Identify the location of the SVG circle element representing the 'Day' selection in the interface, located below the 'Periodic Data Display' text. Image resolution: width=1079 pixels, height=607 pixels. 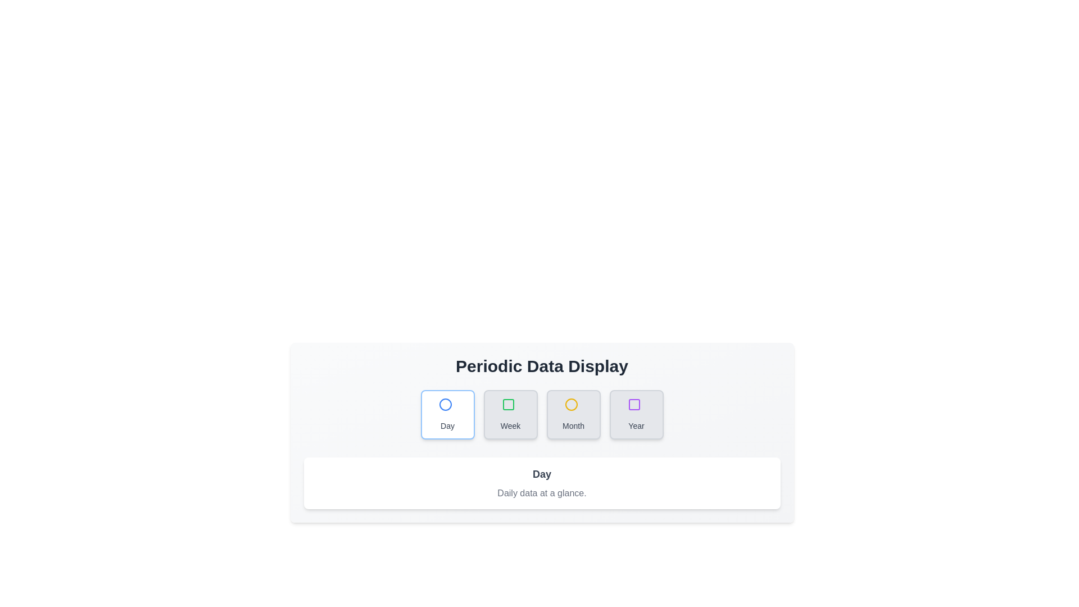
(445, 405).